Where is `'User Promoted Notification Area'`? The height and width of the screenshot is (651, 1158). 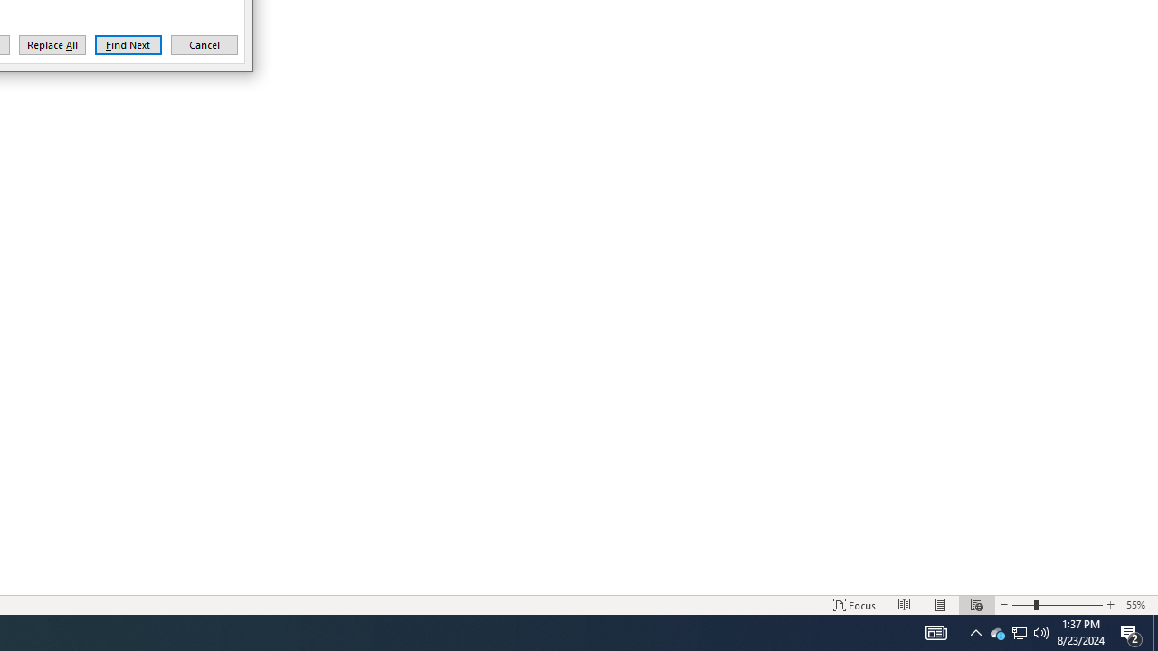
'User Promoted Notification Area' is located at coordinates (1020, 631).